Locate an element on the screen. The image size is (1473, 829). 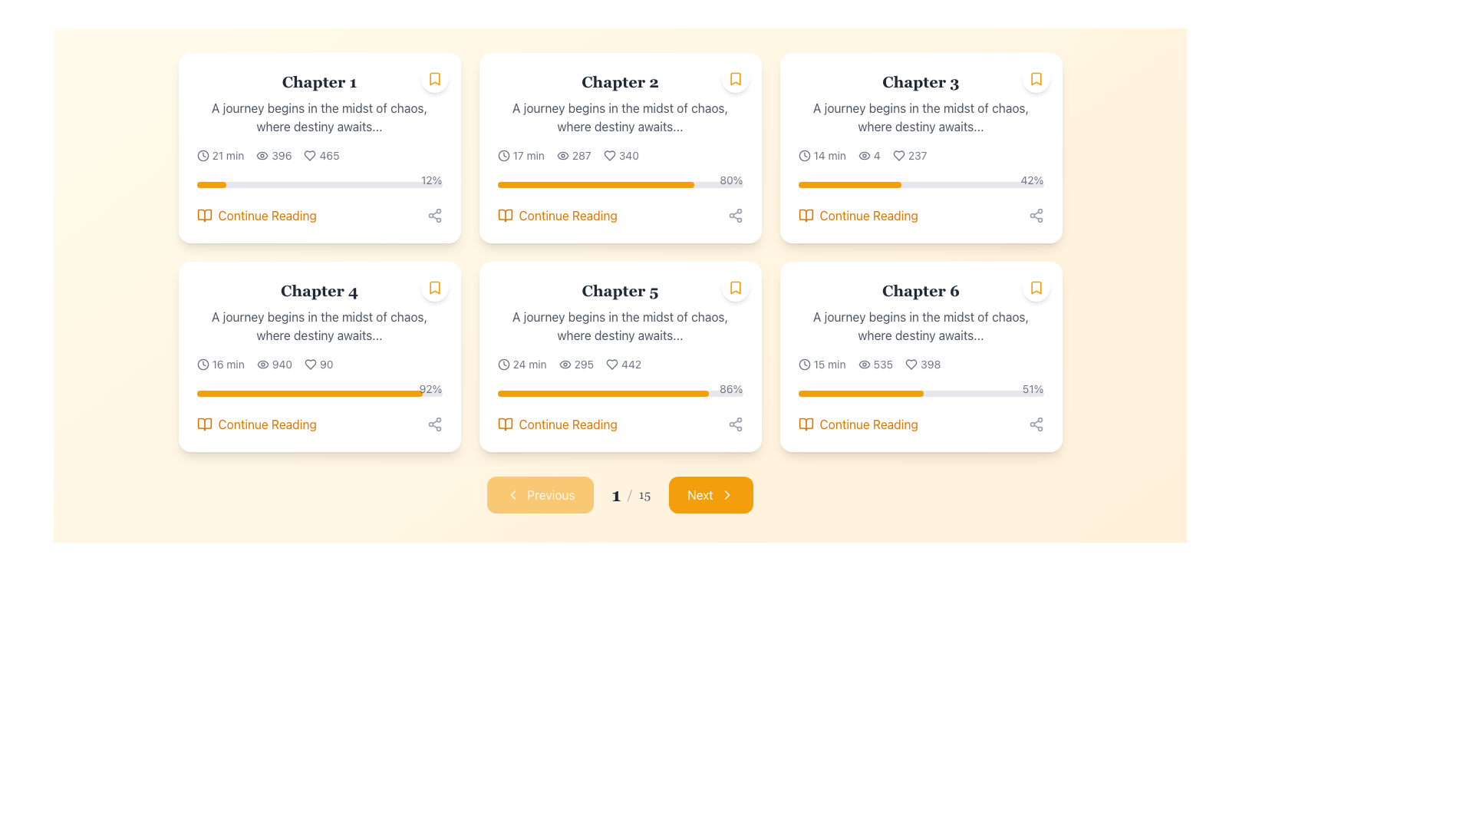
the static text label displaying '21 min', which is adjacent to a clock icon in the first card of the grid layout is located at coordinates (227, 156).